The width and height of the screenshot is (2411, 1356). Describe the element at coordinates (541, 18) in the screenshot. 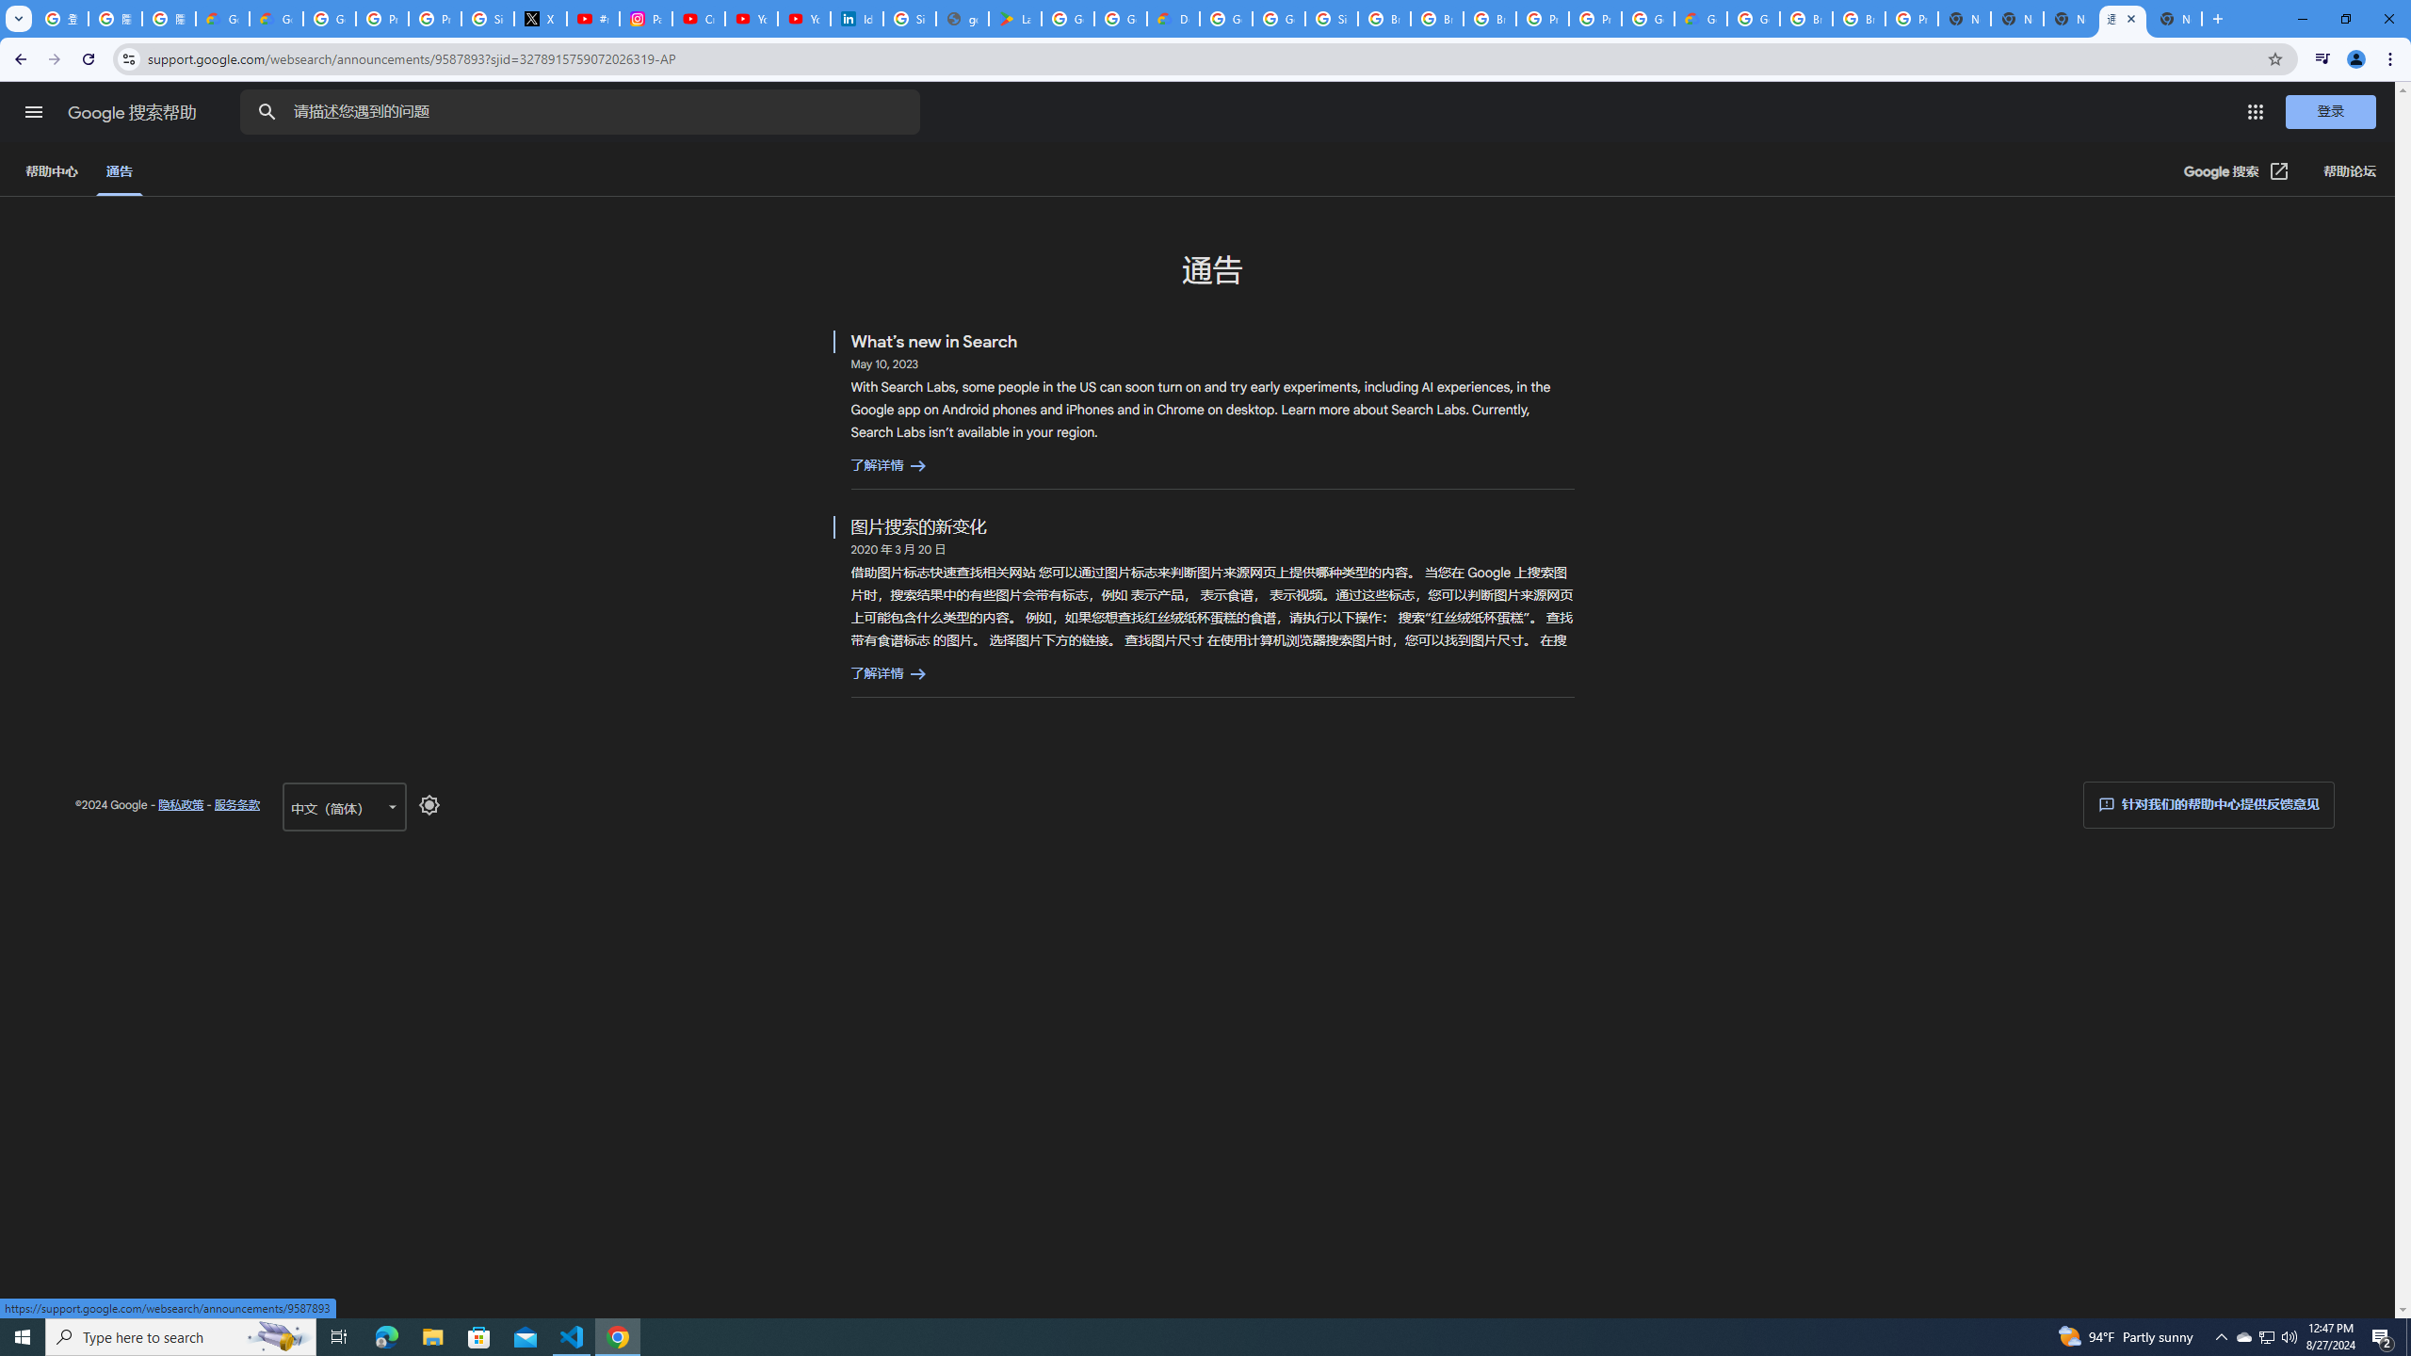

I see `'X'` at that location.